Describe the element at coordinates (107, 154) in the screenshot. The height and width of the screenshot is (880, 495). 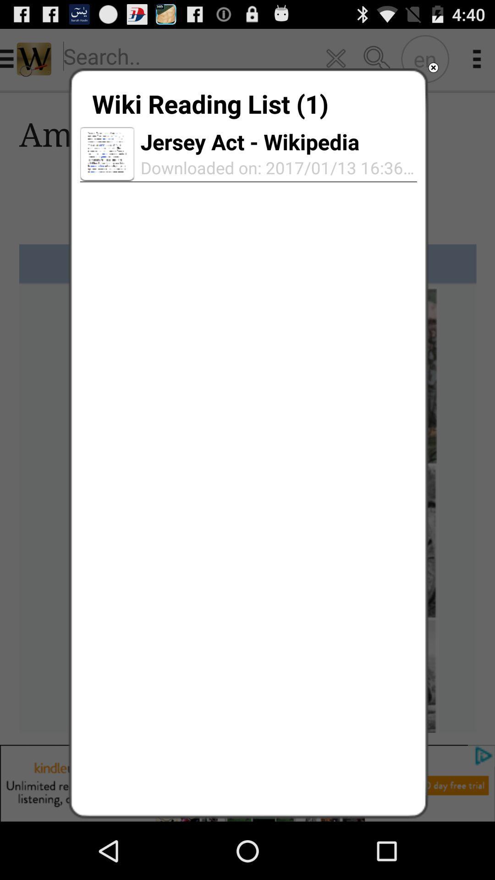
I see `app below wiki reading list icon` at that location.